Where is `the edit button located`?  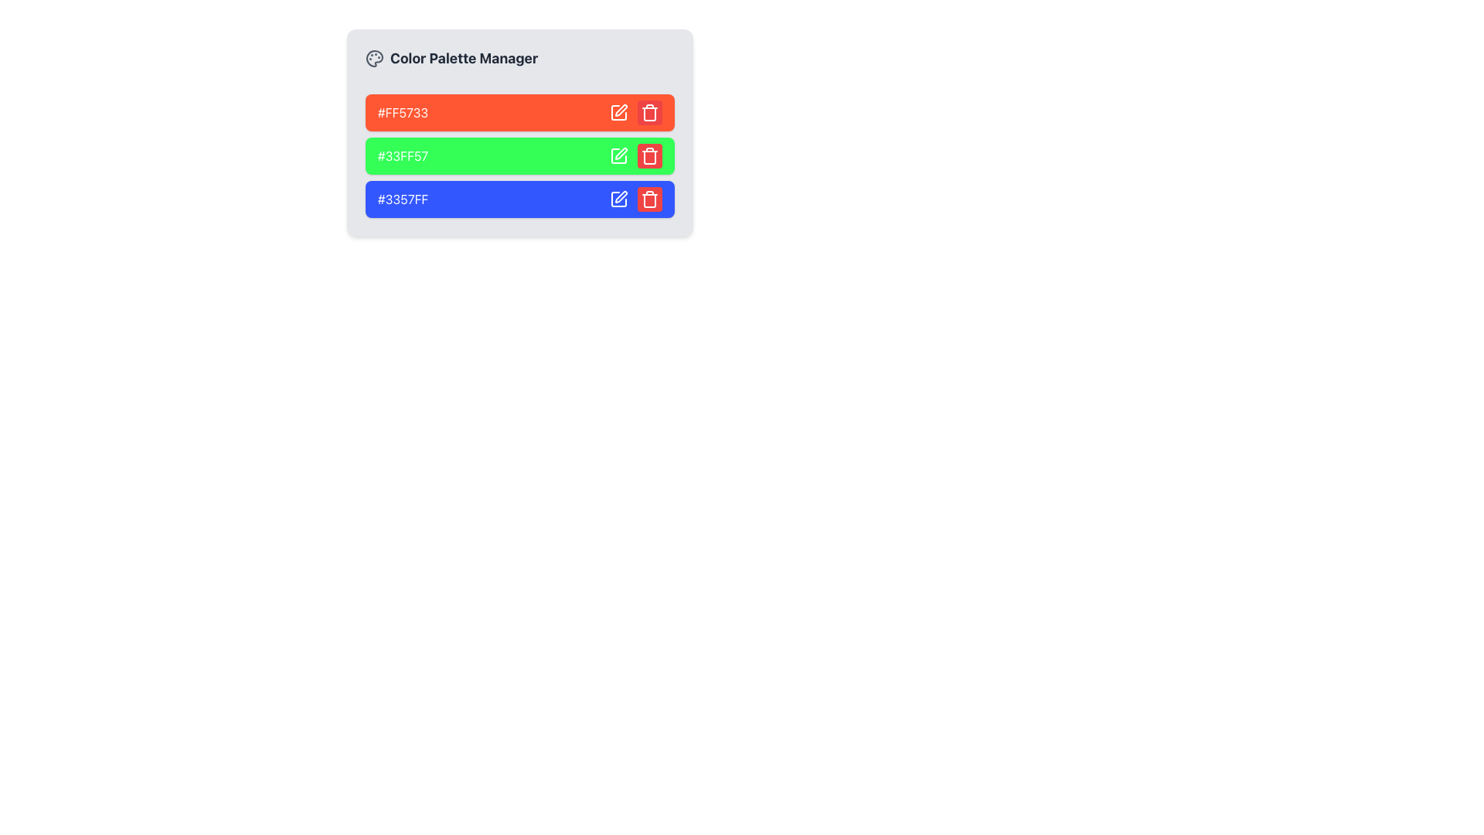 the edit button located is located at coordinates (619, 112).